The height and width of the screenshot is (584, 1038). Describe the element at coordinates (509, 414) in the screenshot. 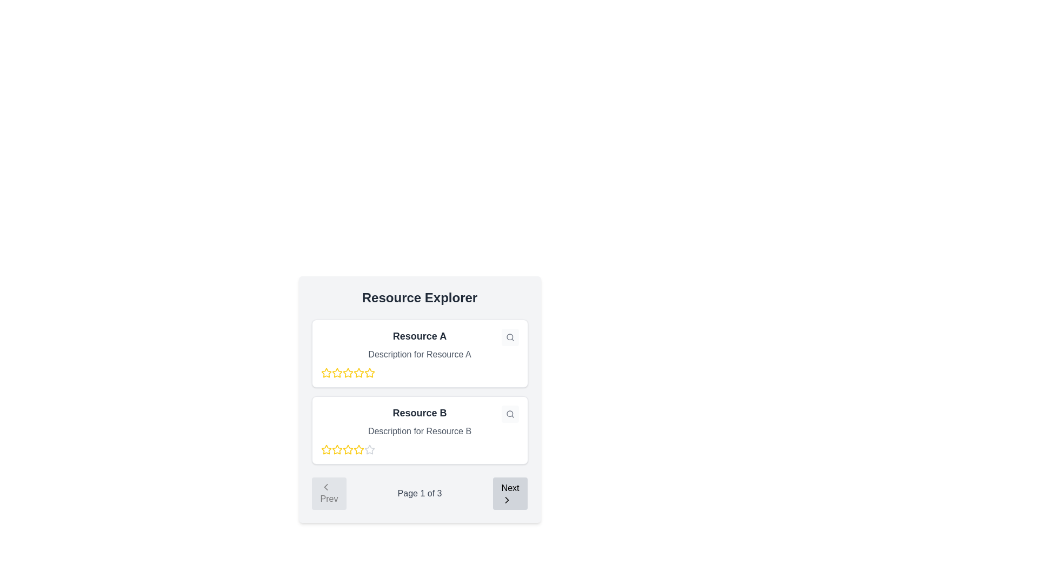

I see `the button located at the top-right of the 'Resource B' card to initiate a search or open details` at that location.